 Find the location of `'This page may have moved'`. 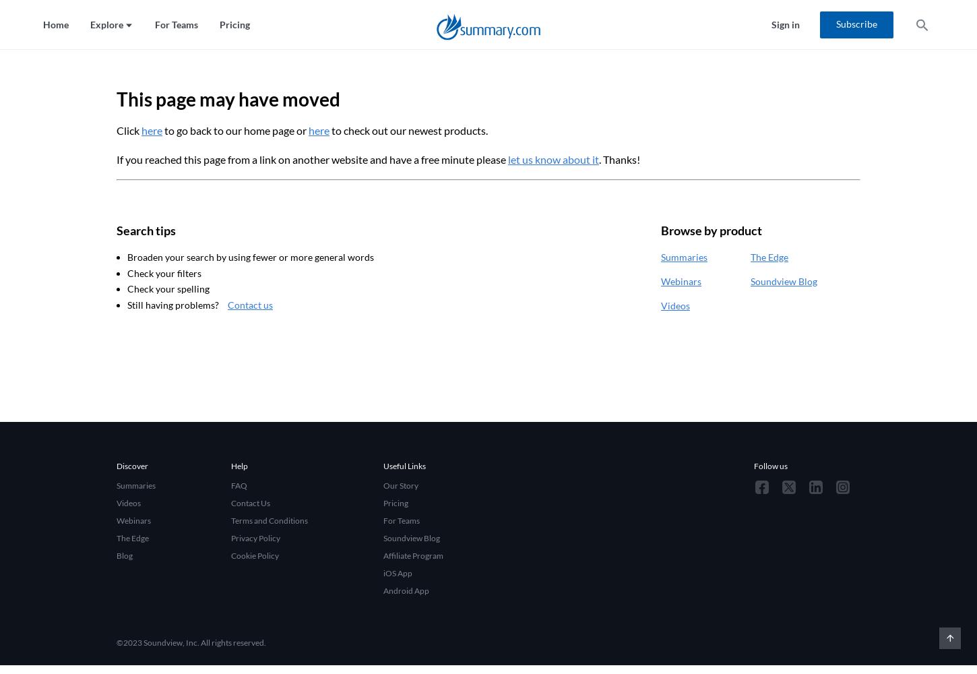

'This page may have moved' is located at coordinates (228, 98).